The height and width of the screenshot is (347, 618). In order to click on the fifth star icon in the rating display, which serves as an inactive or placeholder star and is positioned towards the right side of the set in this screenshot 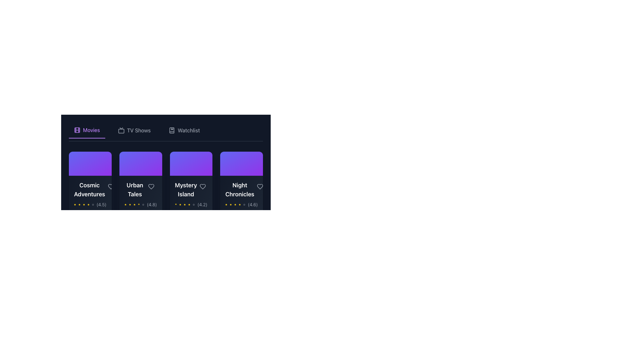, I will do `click(244, 204)`.